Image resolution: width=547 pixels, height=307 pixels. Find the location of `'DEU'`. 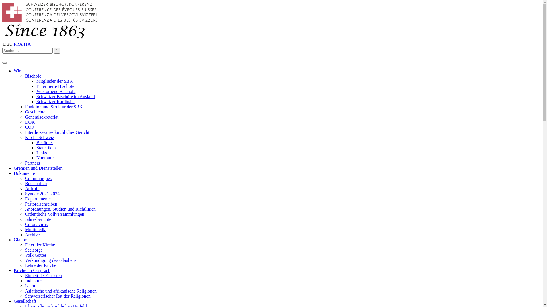

'DEU' is located at coordinates (8, 44).